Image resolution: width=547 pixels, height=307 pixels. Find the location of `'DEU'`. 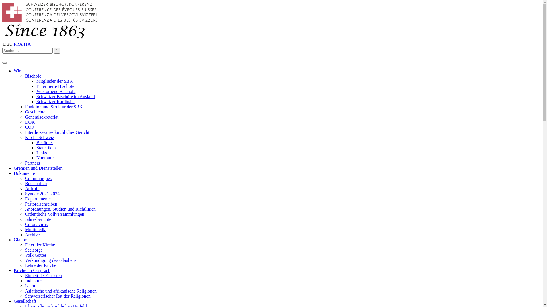

'DEU' is located at coordinates (8, 44).